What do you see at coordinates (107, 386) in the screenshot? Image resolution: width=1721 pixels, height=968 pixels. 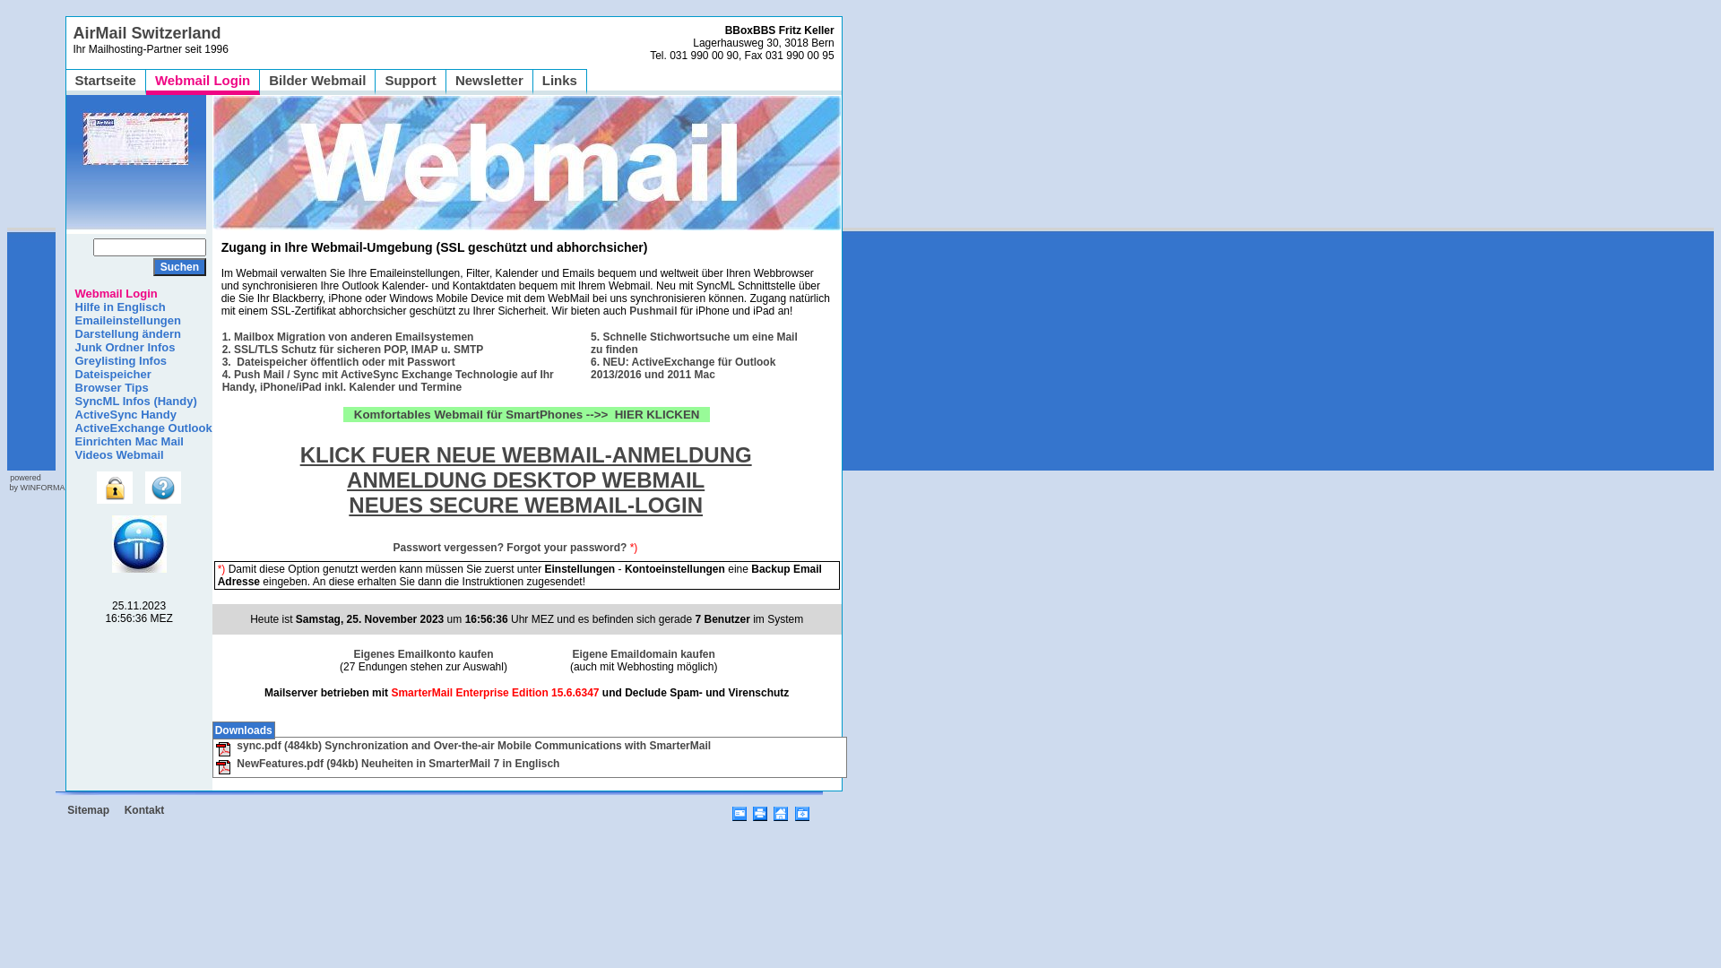 I see `'Browser Tips'` at bounding box center [107, 386].